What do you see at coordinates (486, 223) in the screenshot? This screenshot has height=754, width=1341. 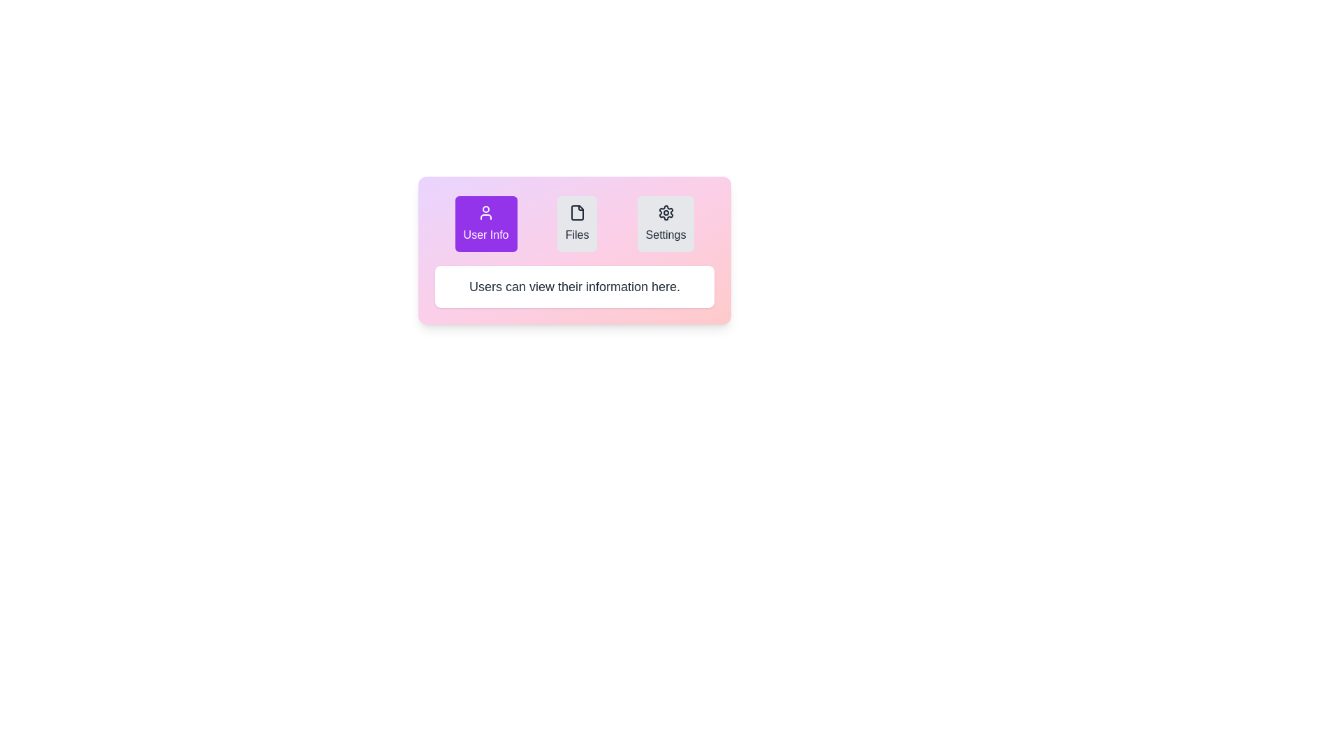 I see `the 'User Info' button, which is a vibrant purple rectangular button with rounded corners, featuring a white user icon and the text 'User Info' below it` at bounding box center [486, 223].